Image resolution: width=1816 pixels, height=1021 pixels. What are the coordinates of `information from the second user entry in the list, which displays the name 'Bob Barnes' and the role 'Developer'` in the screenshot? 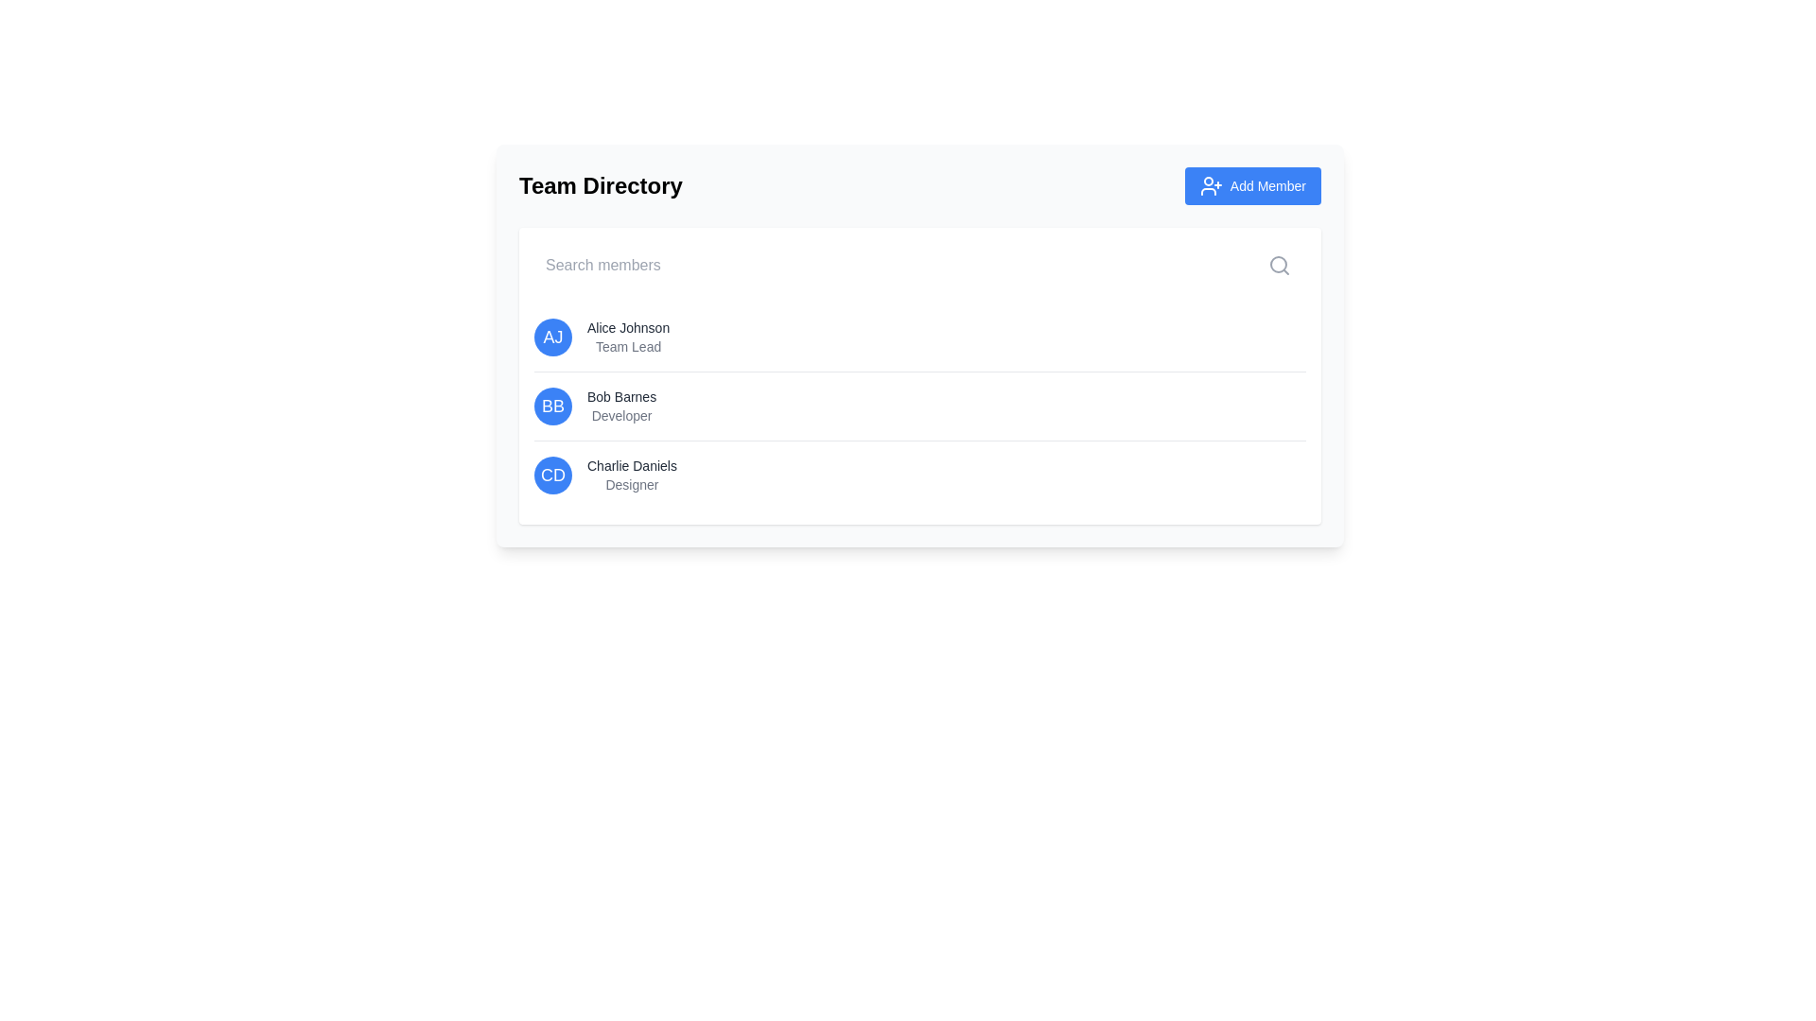 It's located at (920, 404).